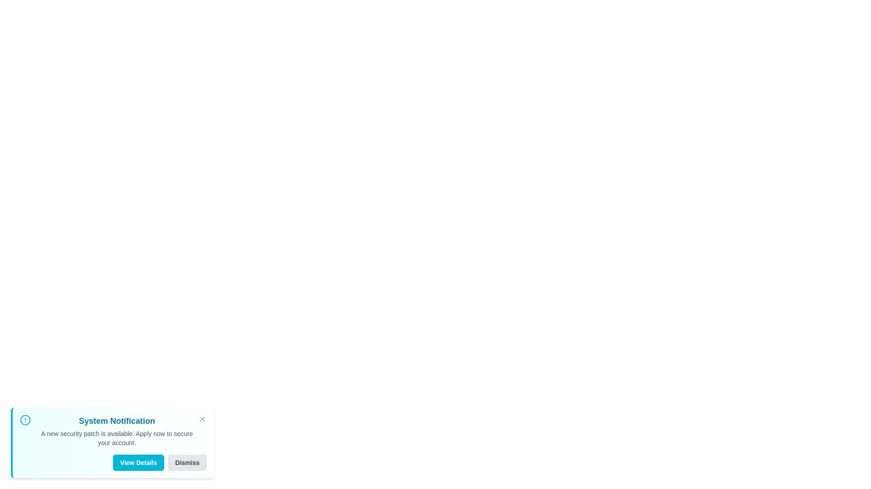  Describe the element at coordinates (25, 420) in the screenshot. I see `the alert icon to inspect its functionality or styling` at that location.